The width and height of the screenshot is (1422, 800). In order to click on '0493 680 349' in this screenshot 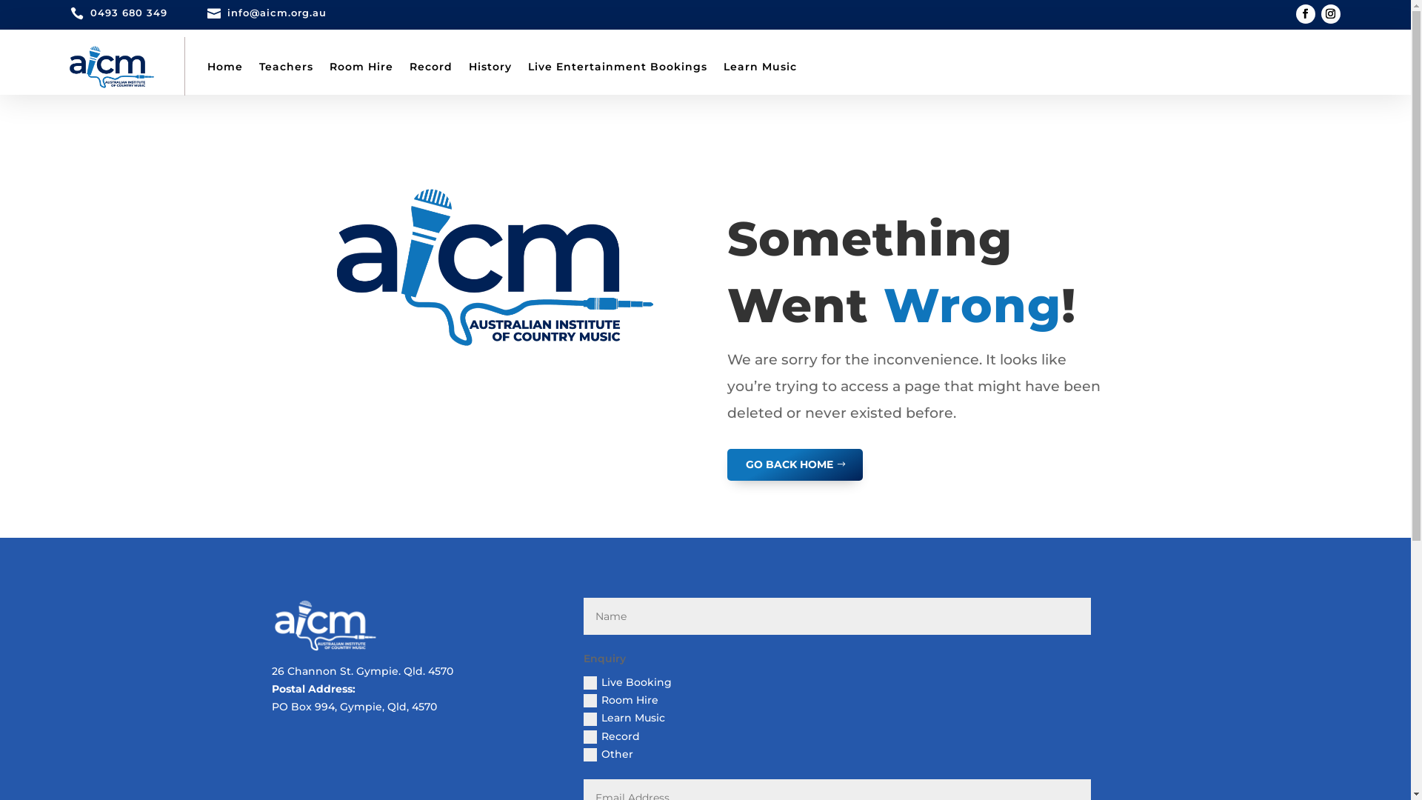, I will do `click(128, 12)`.